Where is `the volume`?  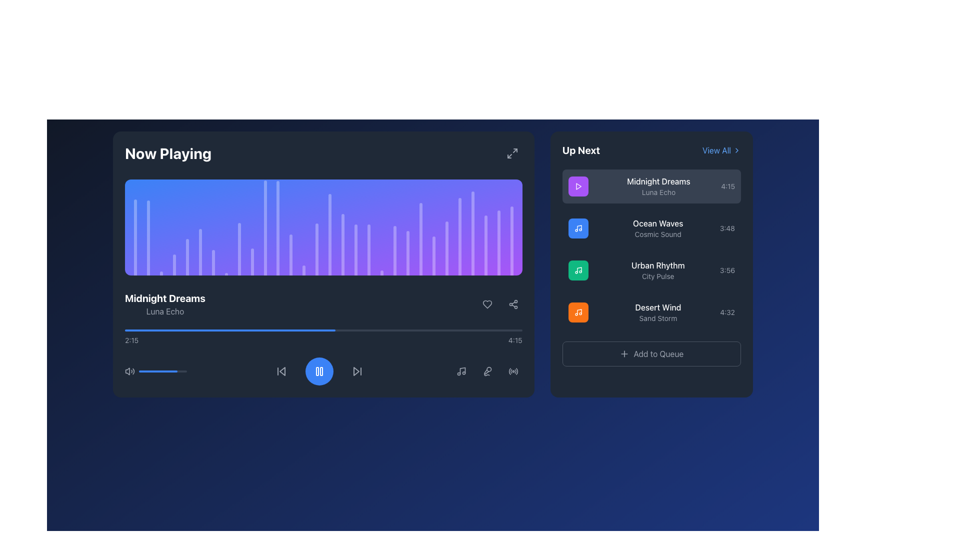 the volume is located at coordinates (175, 371).